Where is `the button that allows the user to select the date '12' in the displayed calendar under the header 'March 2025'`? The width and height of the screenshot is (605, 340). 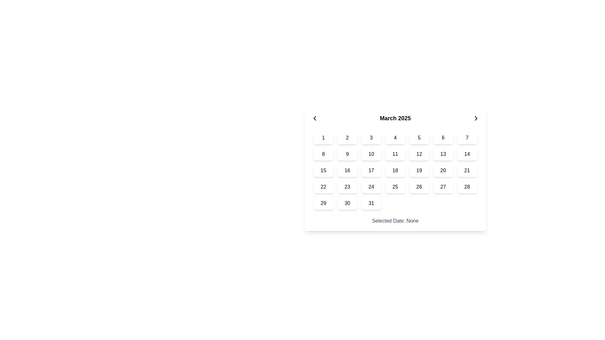 the button that allows the user to select the date '12' in the displayed calendar under the header 'March 2025' is located at coordinates (419, 154).